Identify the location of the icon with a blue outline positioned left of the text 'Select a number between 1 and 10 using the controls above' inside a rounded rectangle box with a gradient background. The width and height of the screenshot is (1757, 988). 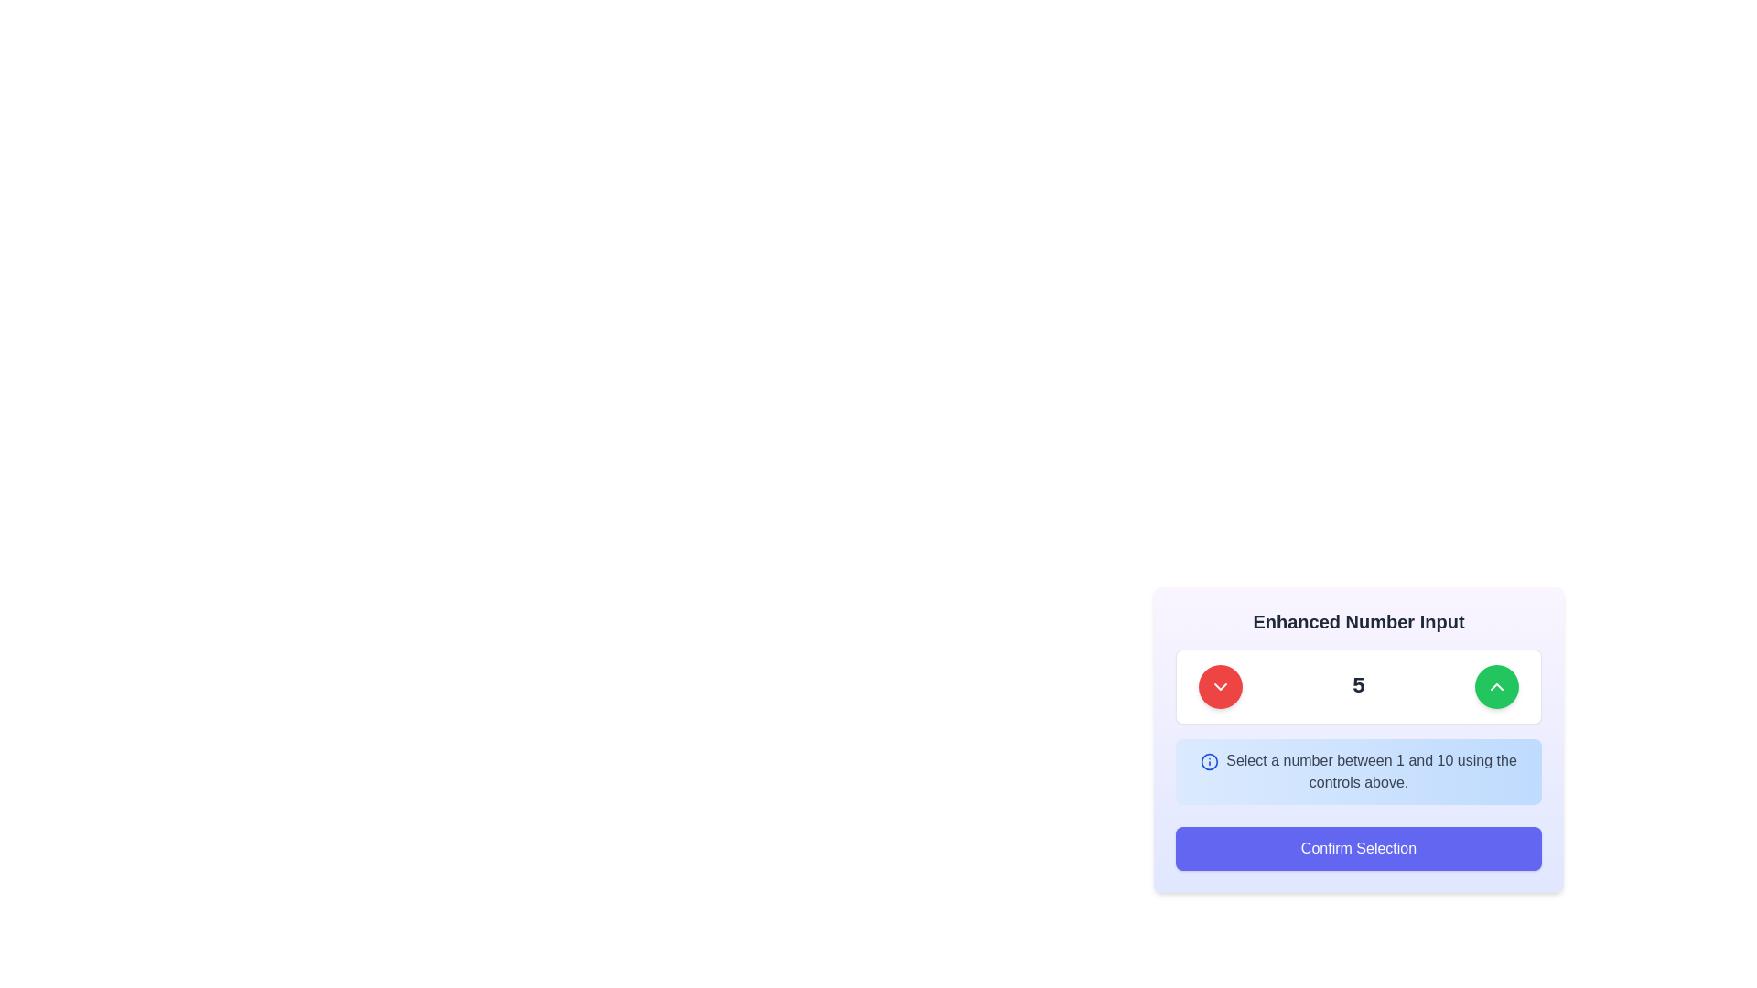
(1210, 761).